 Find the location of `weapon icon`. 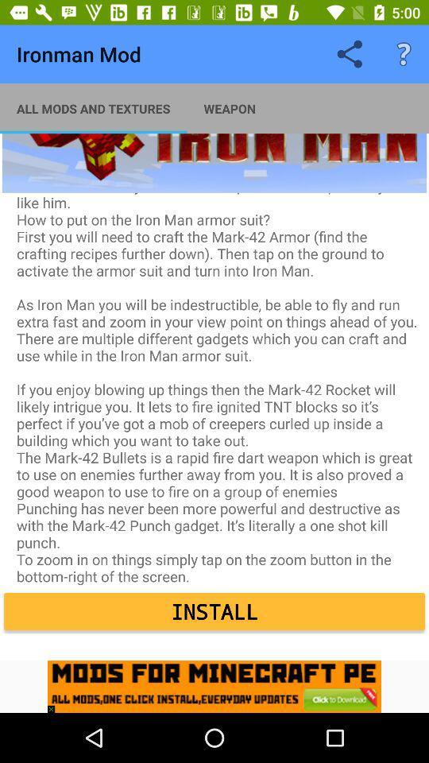

weapon icon is located at coordinates (229, 107).